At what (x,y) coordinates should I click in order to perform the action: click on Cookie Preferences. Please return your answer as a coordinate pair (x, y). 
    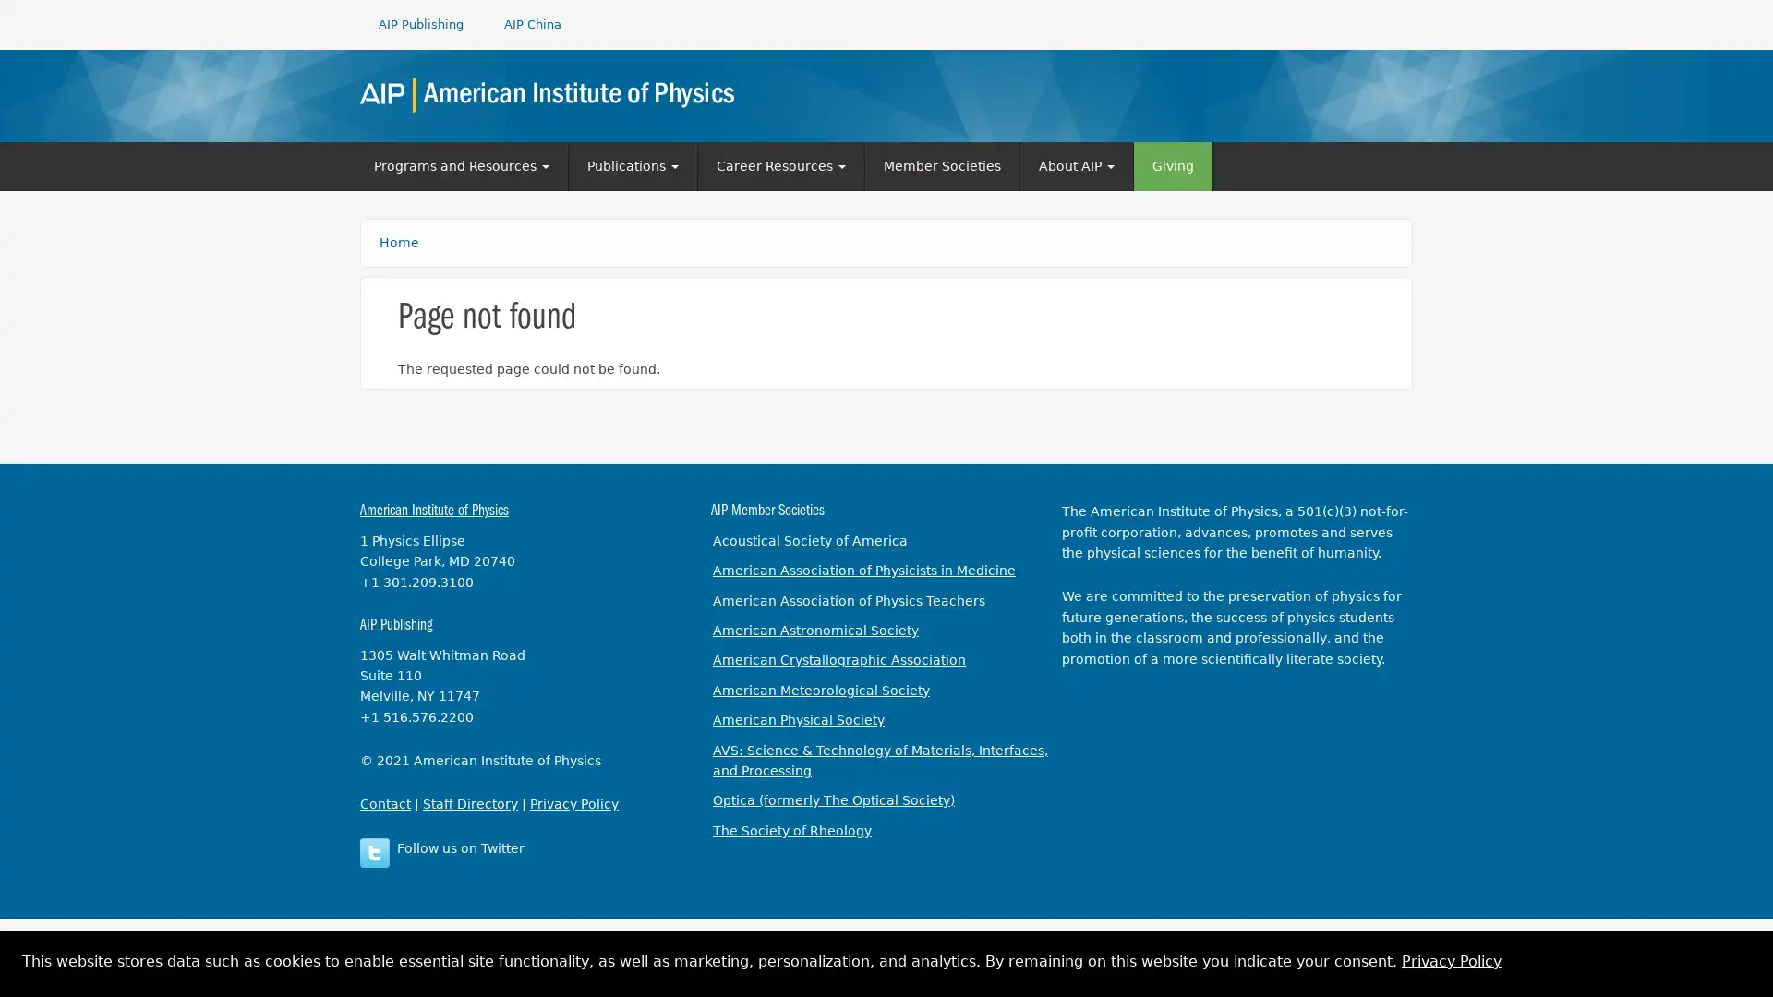
    Looking at the image, I should click on (1742, 967).